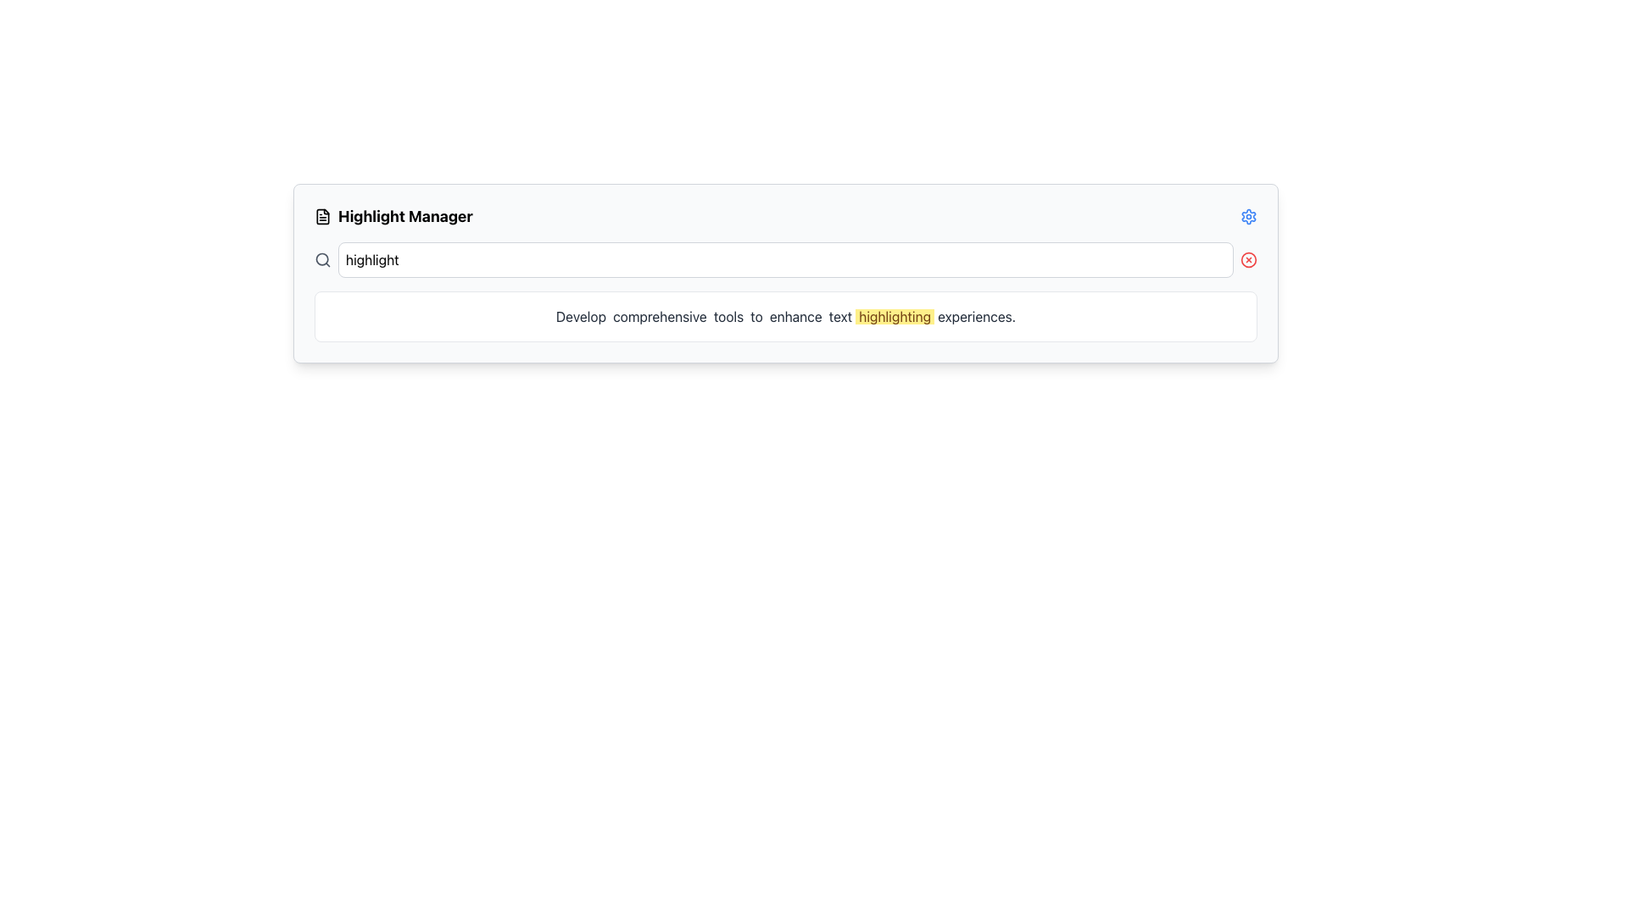  What do you see at coordinates (784, 317) in the screenshot?
I see `the Text Display Box that contains the message 'Develop comprehensive tools to enhance text highlighting experiences.' with emphasized word 'highlighting'` at bounding box center [784, 317].